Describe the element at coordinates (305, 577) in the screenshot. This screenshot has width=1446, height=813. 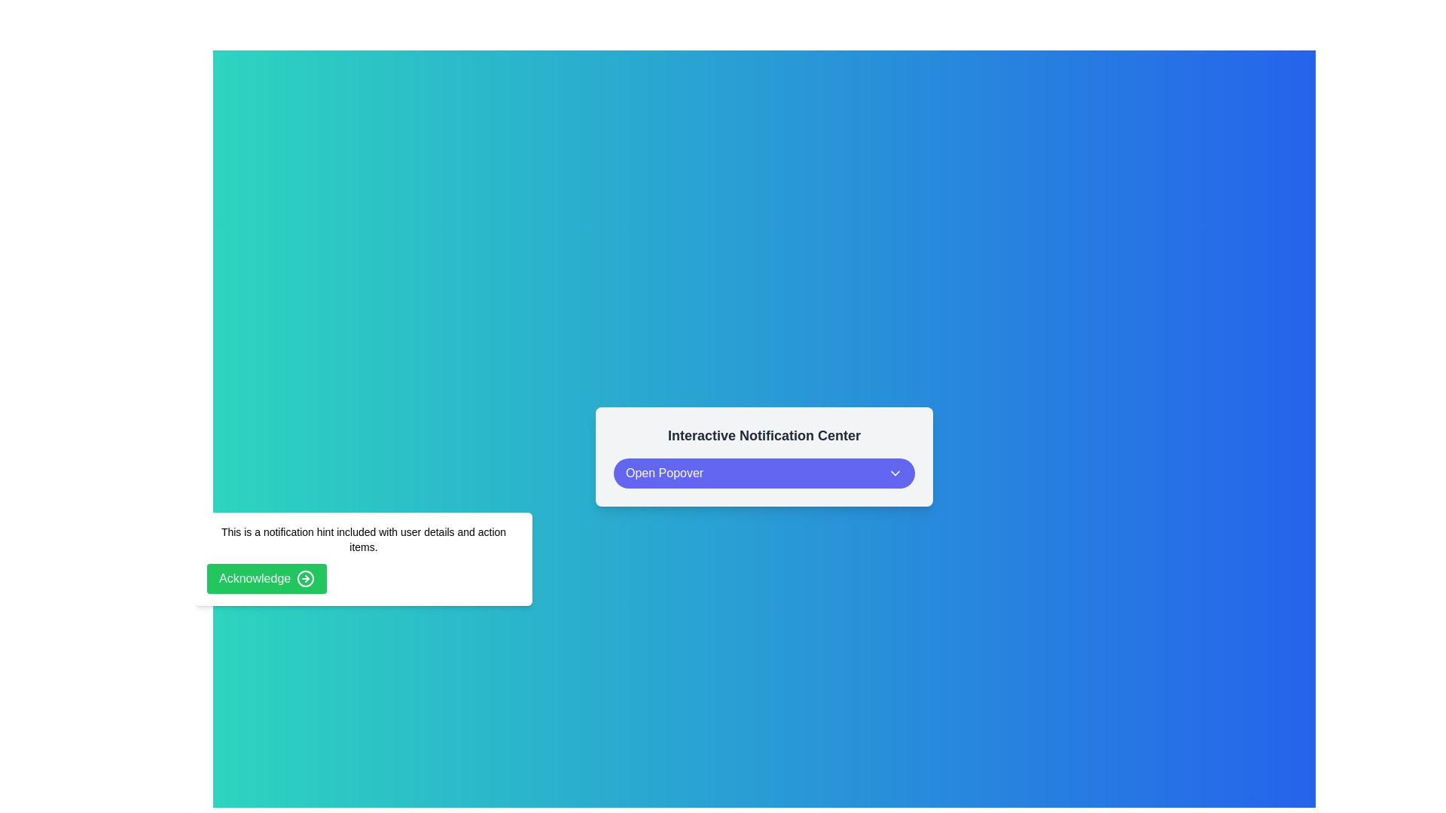
I see `the interactive icon located on the far right side of the green 'Acknowledge' button` at that location.